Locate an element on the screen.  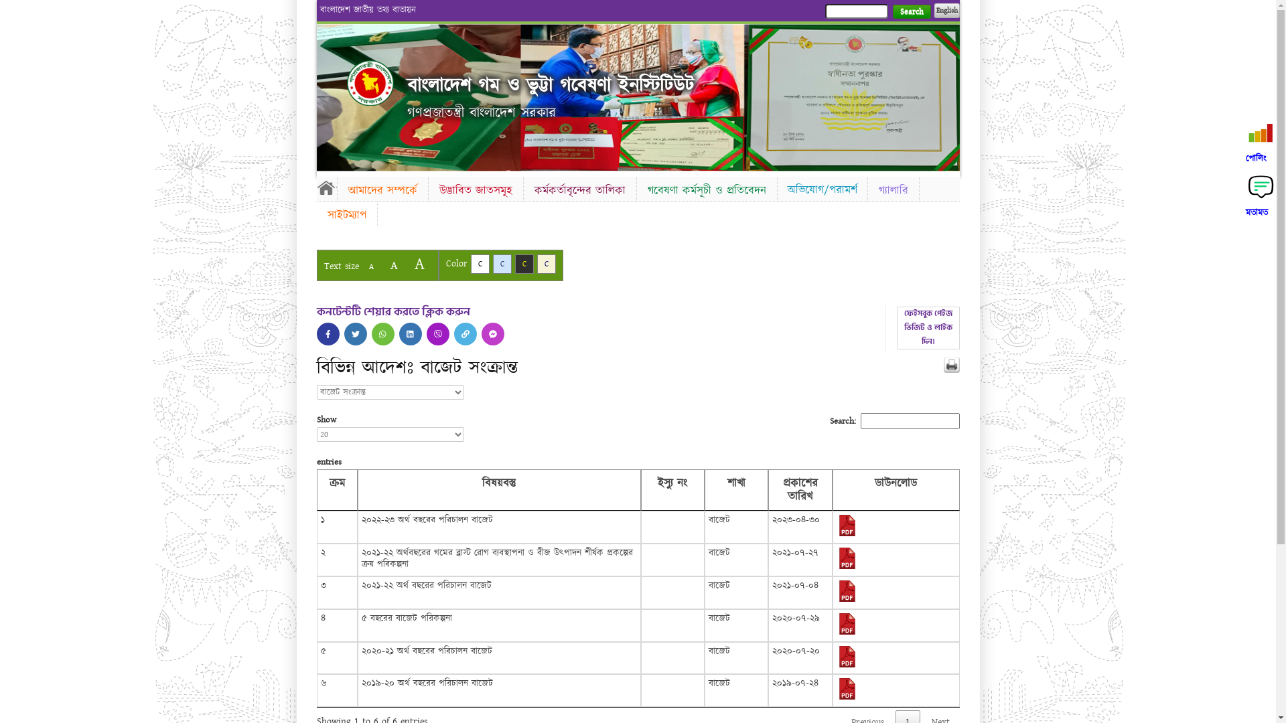
'English' is located at coordinates (945, 10).